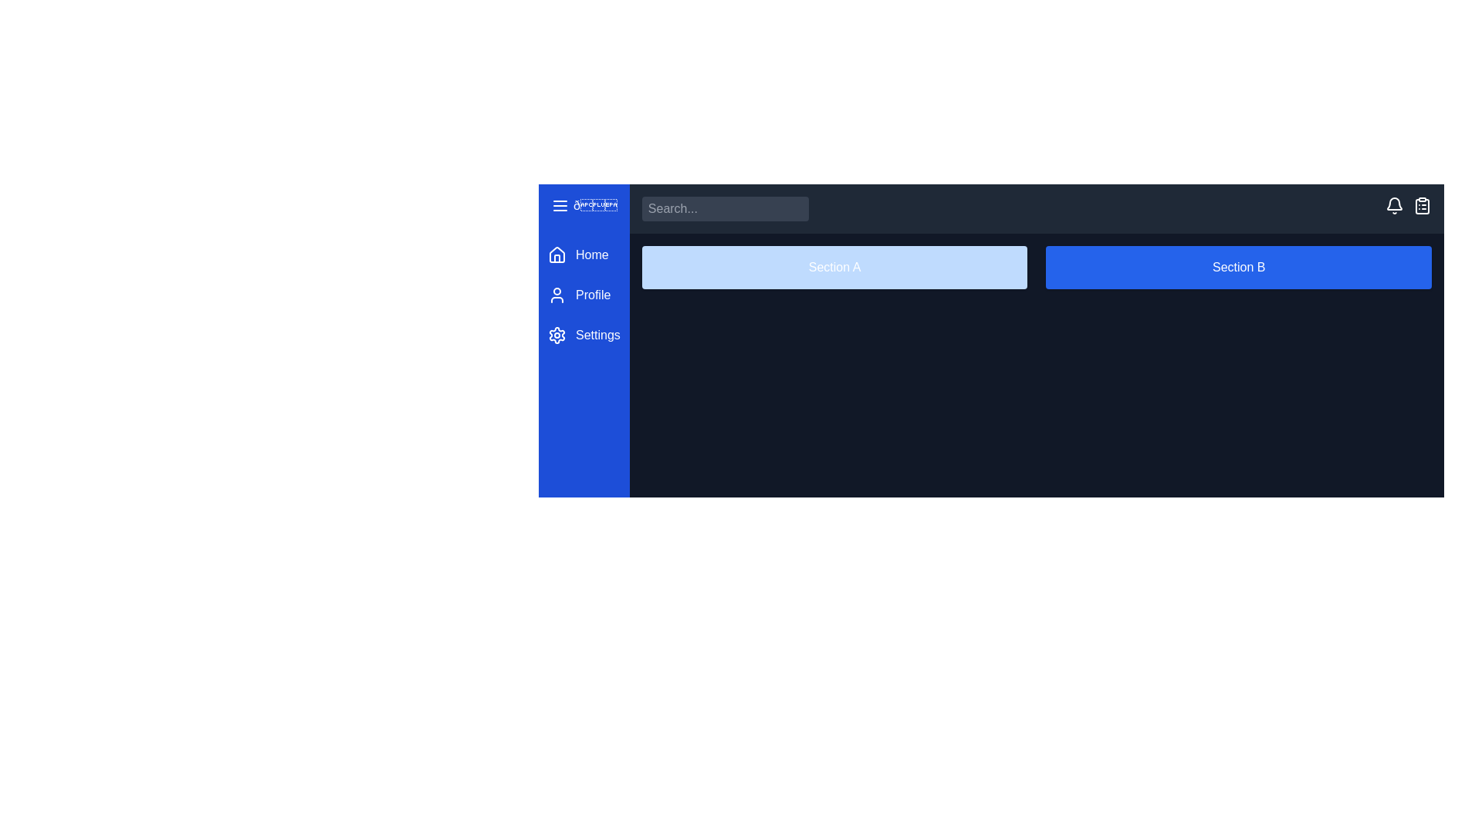  Describe the element at coordinates (597, 335) in the screenshot. I see `the 'Settings' text label in the vertical navigation menu` at that location.